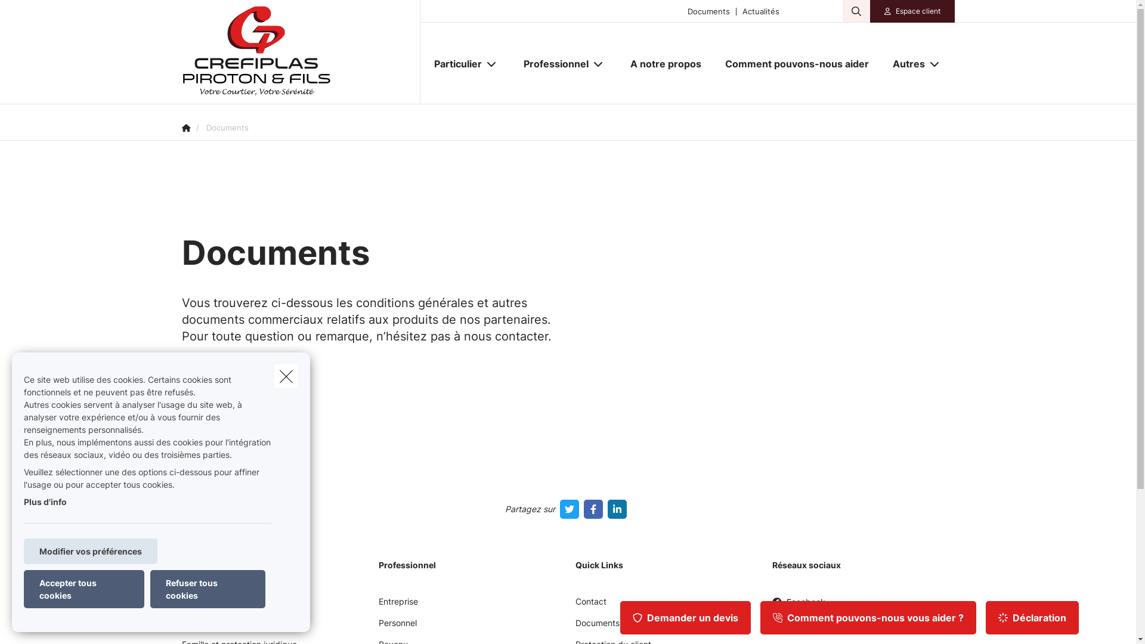 This screenshot has width=1145, height=644. I want to click on 'Personnel', so click(397, 627).